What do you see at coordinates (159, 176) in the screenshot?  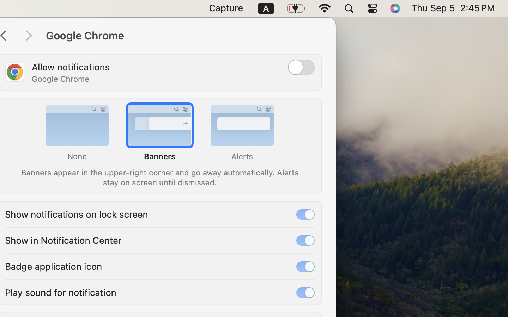 I see `'Banners appear in the upper-right corner and go away automatically. Alerts stay on screen until dismissed.'` at bounding box center [159, 176].